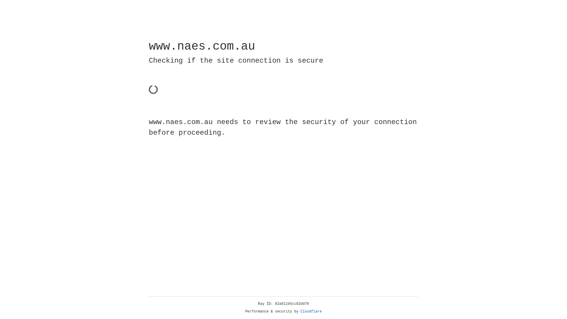 This screenshot has height=319, width=567. I want to click on 'Cloudflare', so click(311, 311).